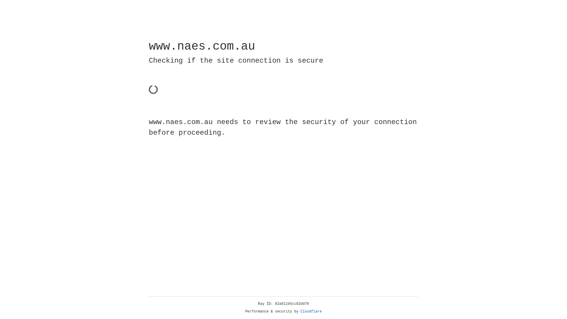 This screenshot has height=319, width=567. I want to click on 'Cloudflare', so click(311, 311).